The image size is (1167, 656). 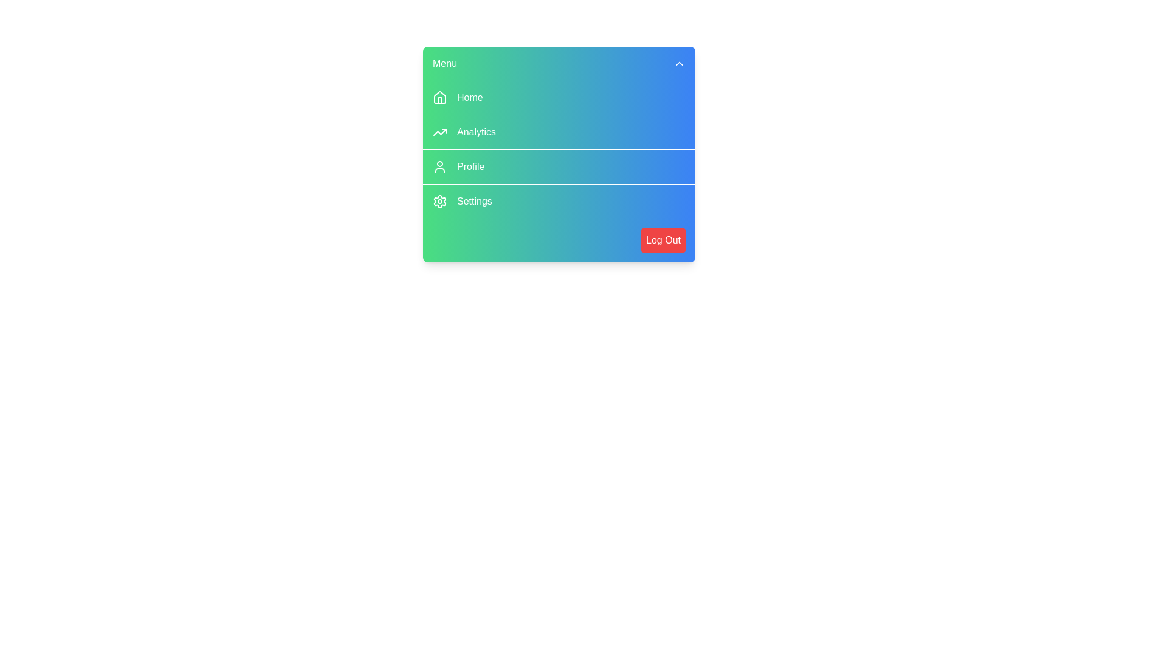 What do you see at coordinates (559, 132) in the screenshot?
I see `the menu item Analytics to trigger its hover effect` at bounding box center [559, 132].